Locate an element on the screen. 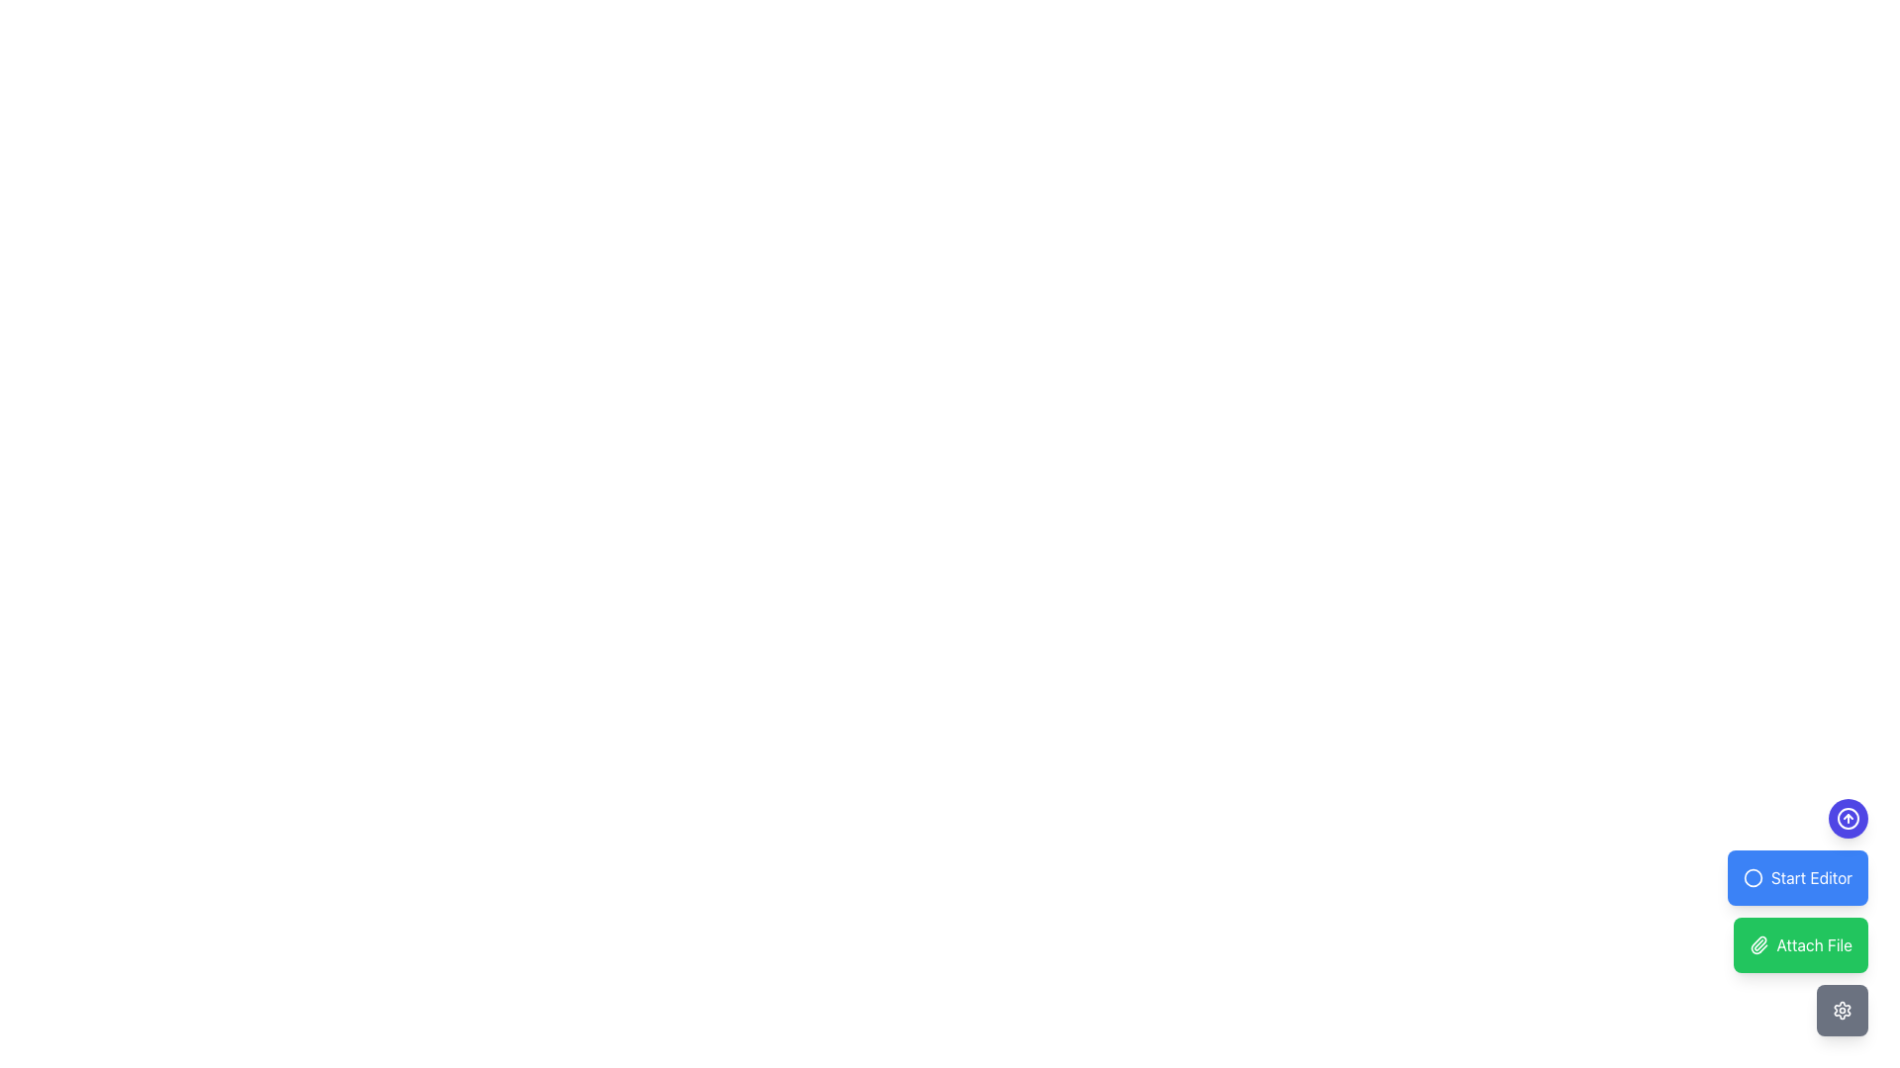 The width and height of the screenshot is (1900, 1068). the file attachment button located at the bottom-right corner of the interface, which is the second button in a vertical stack of buttons is located at coordinates (1797, 918).